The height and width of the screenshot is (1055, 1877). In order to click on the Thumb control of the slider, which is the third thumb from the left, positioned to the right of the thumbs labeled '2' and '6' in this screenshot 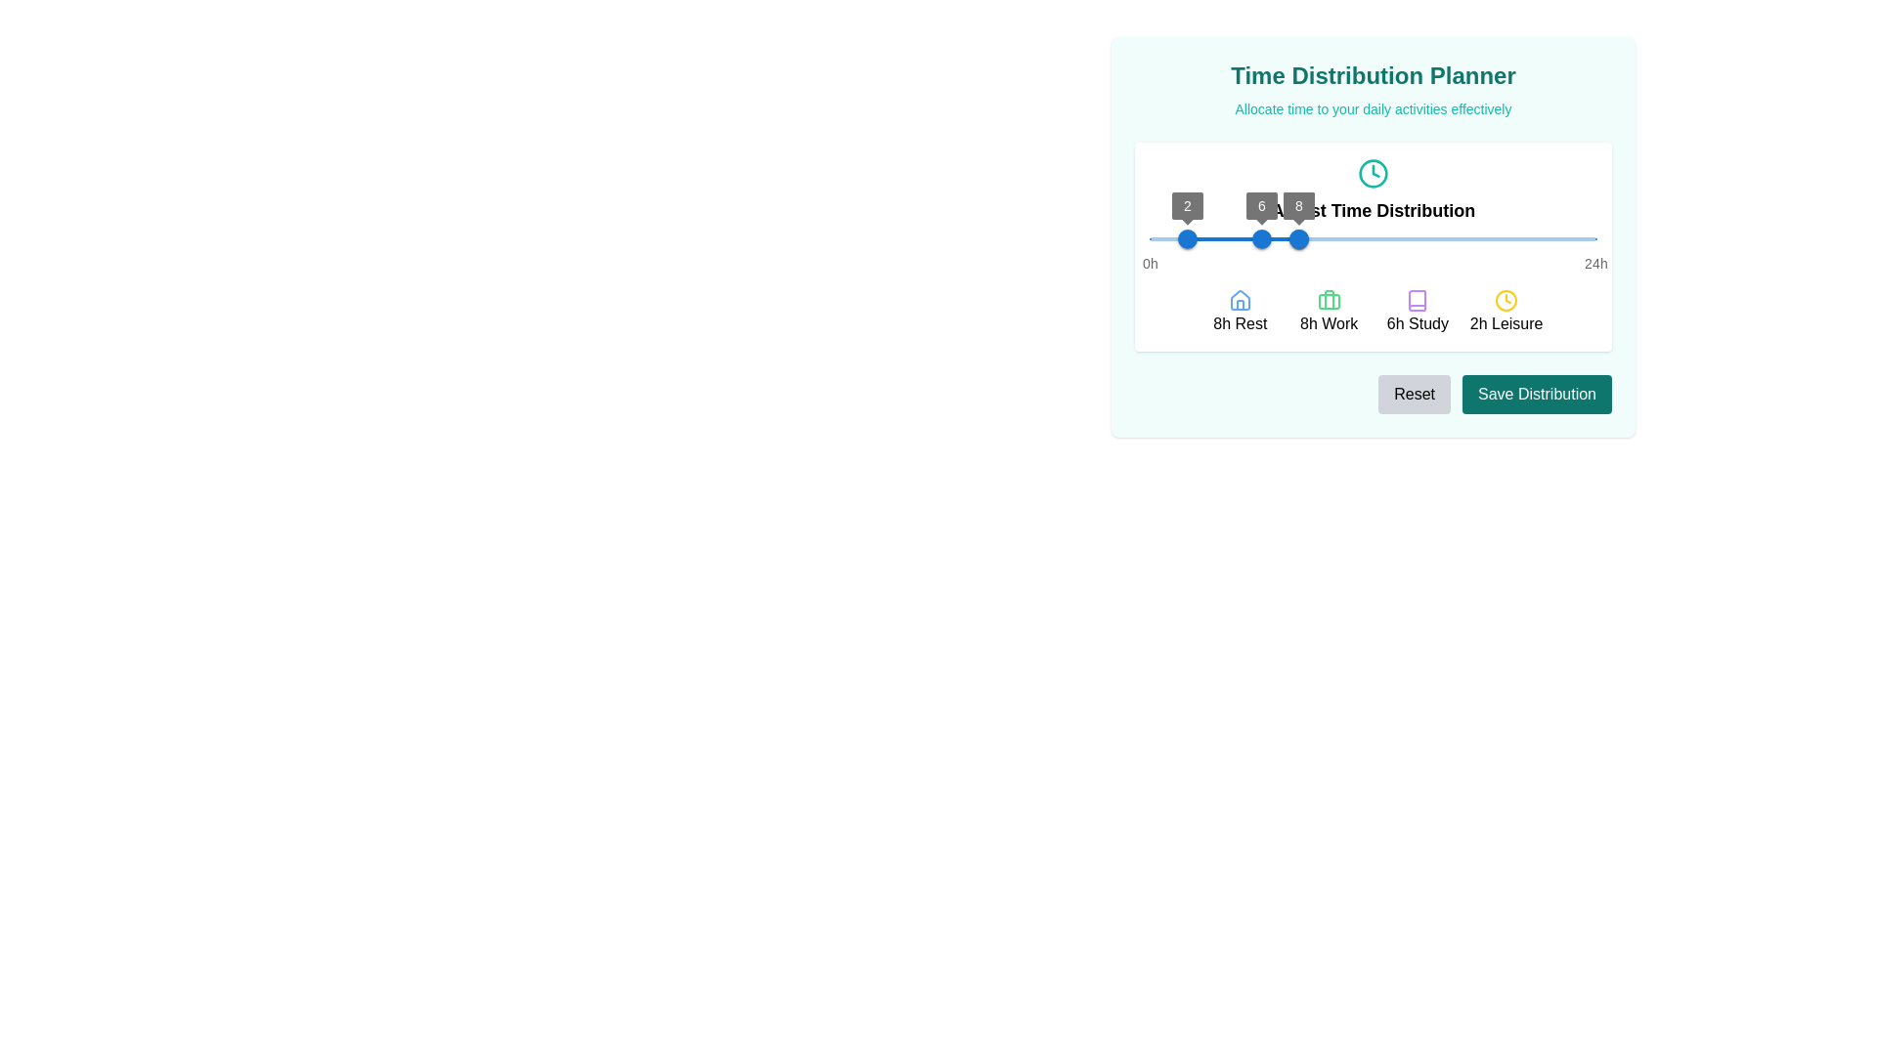, I will do `click(1299, 238)`.